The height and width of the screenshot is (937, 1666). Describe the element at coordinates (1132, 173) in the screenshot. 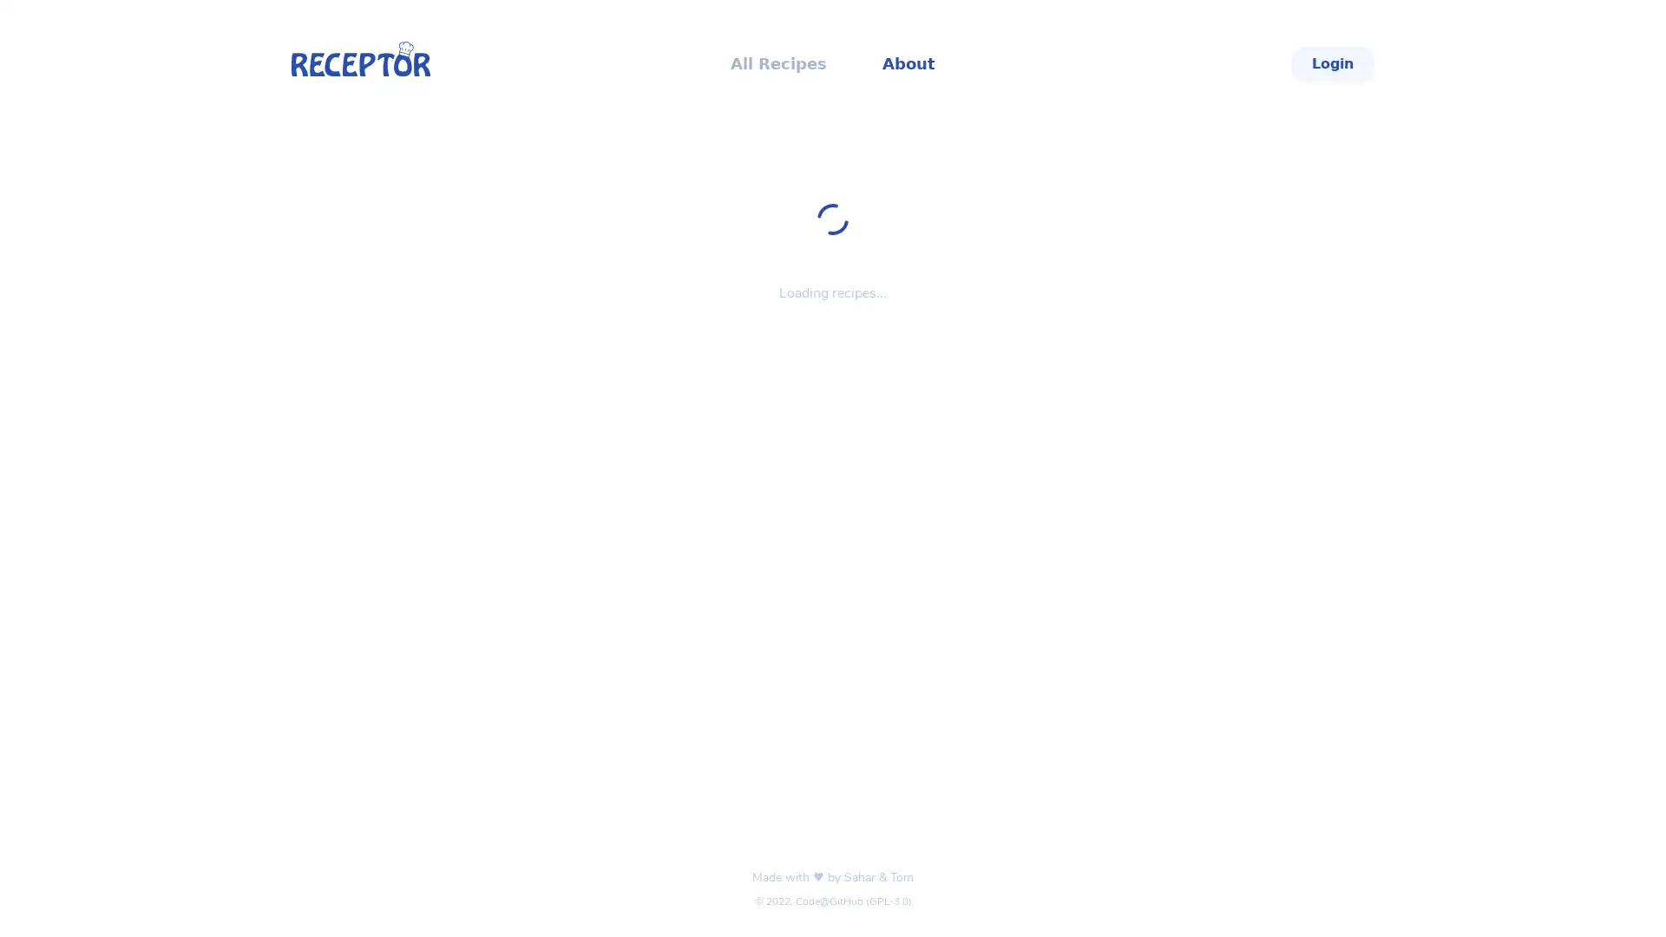

I see `Select Filter` at that location.